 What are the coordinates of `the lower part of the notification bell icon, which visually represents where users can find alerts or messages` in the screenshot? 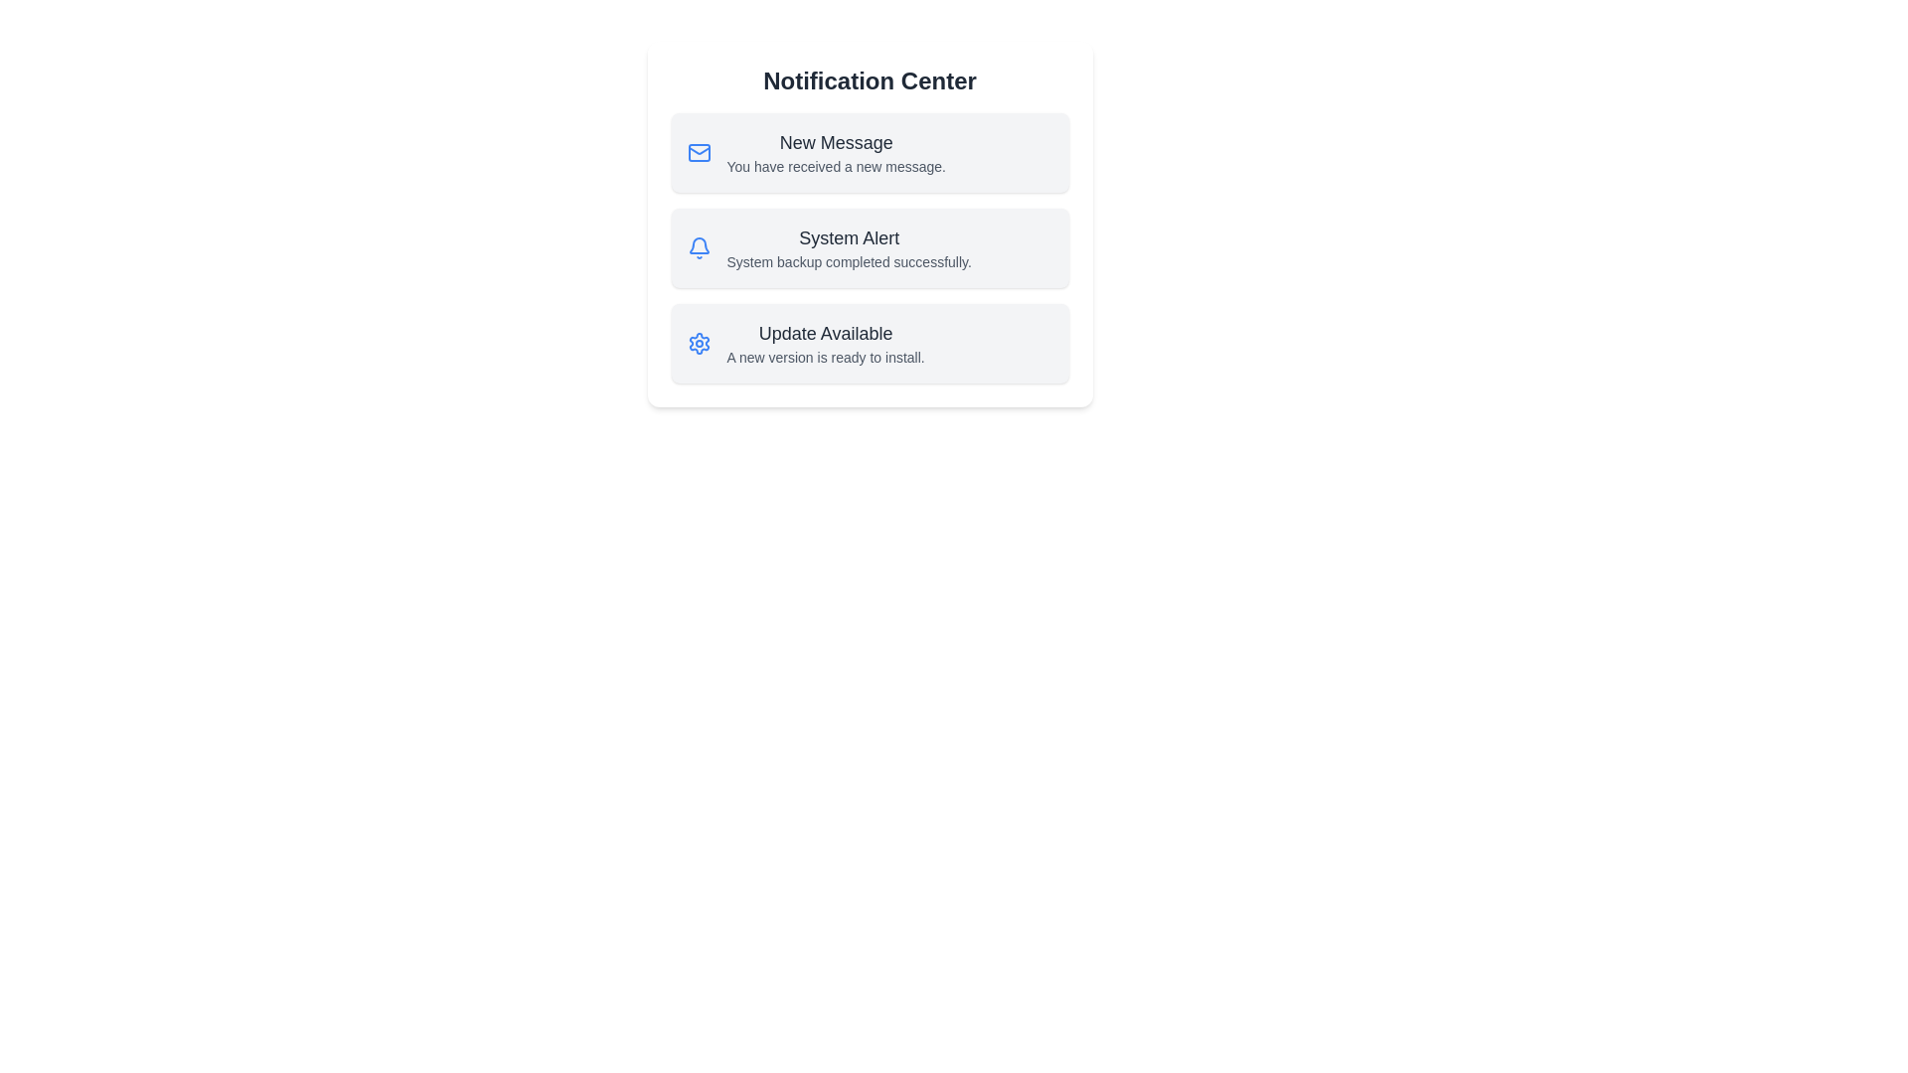 It's located at (699, 244).